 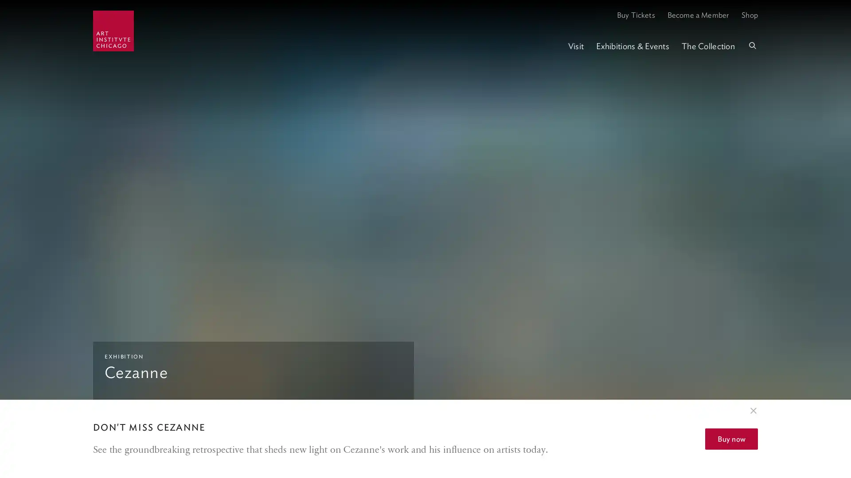 I want to click on Buy now, so click(x=731, y=439).